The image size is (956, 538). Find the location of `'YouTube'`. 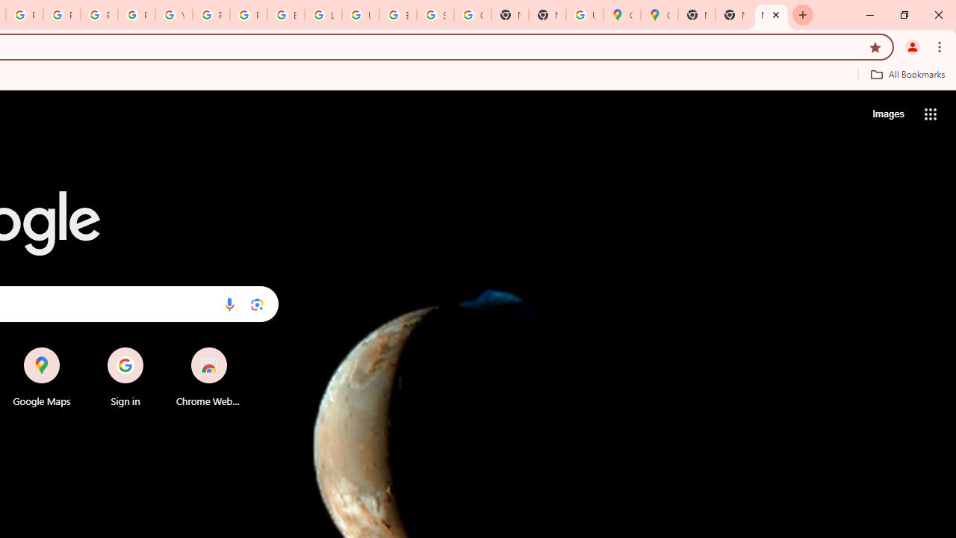

'YouTube' is located at coordinates (173, 15).